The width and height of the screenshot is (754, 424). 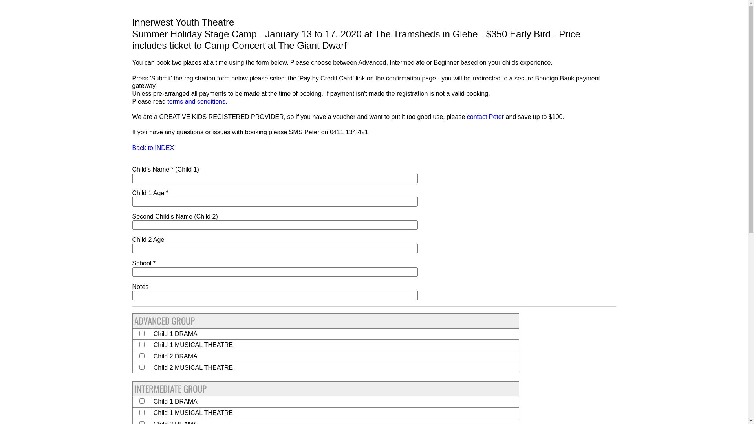 I want to click on 'Back to INDEX', so click(x=153, y=148).